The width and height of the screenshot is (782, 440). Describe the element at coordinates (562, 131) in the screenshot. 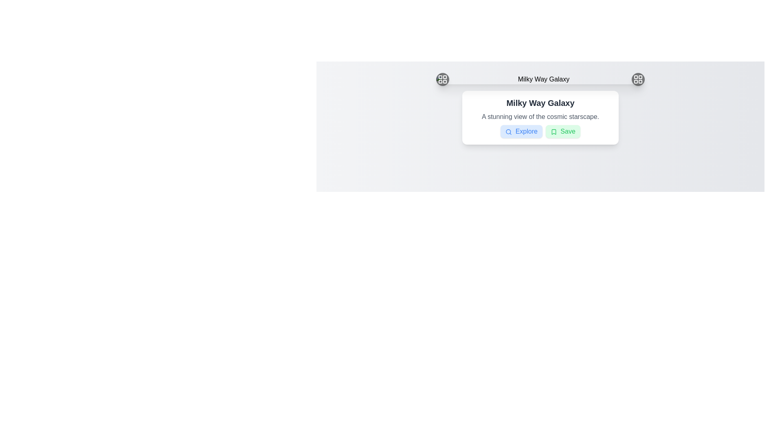

I see `the 'Save' button, which has a green text color, a light green background, rounded corners, and is located in the middle section of the interface` at that location.